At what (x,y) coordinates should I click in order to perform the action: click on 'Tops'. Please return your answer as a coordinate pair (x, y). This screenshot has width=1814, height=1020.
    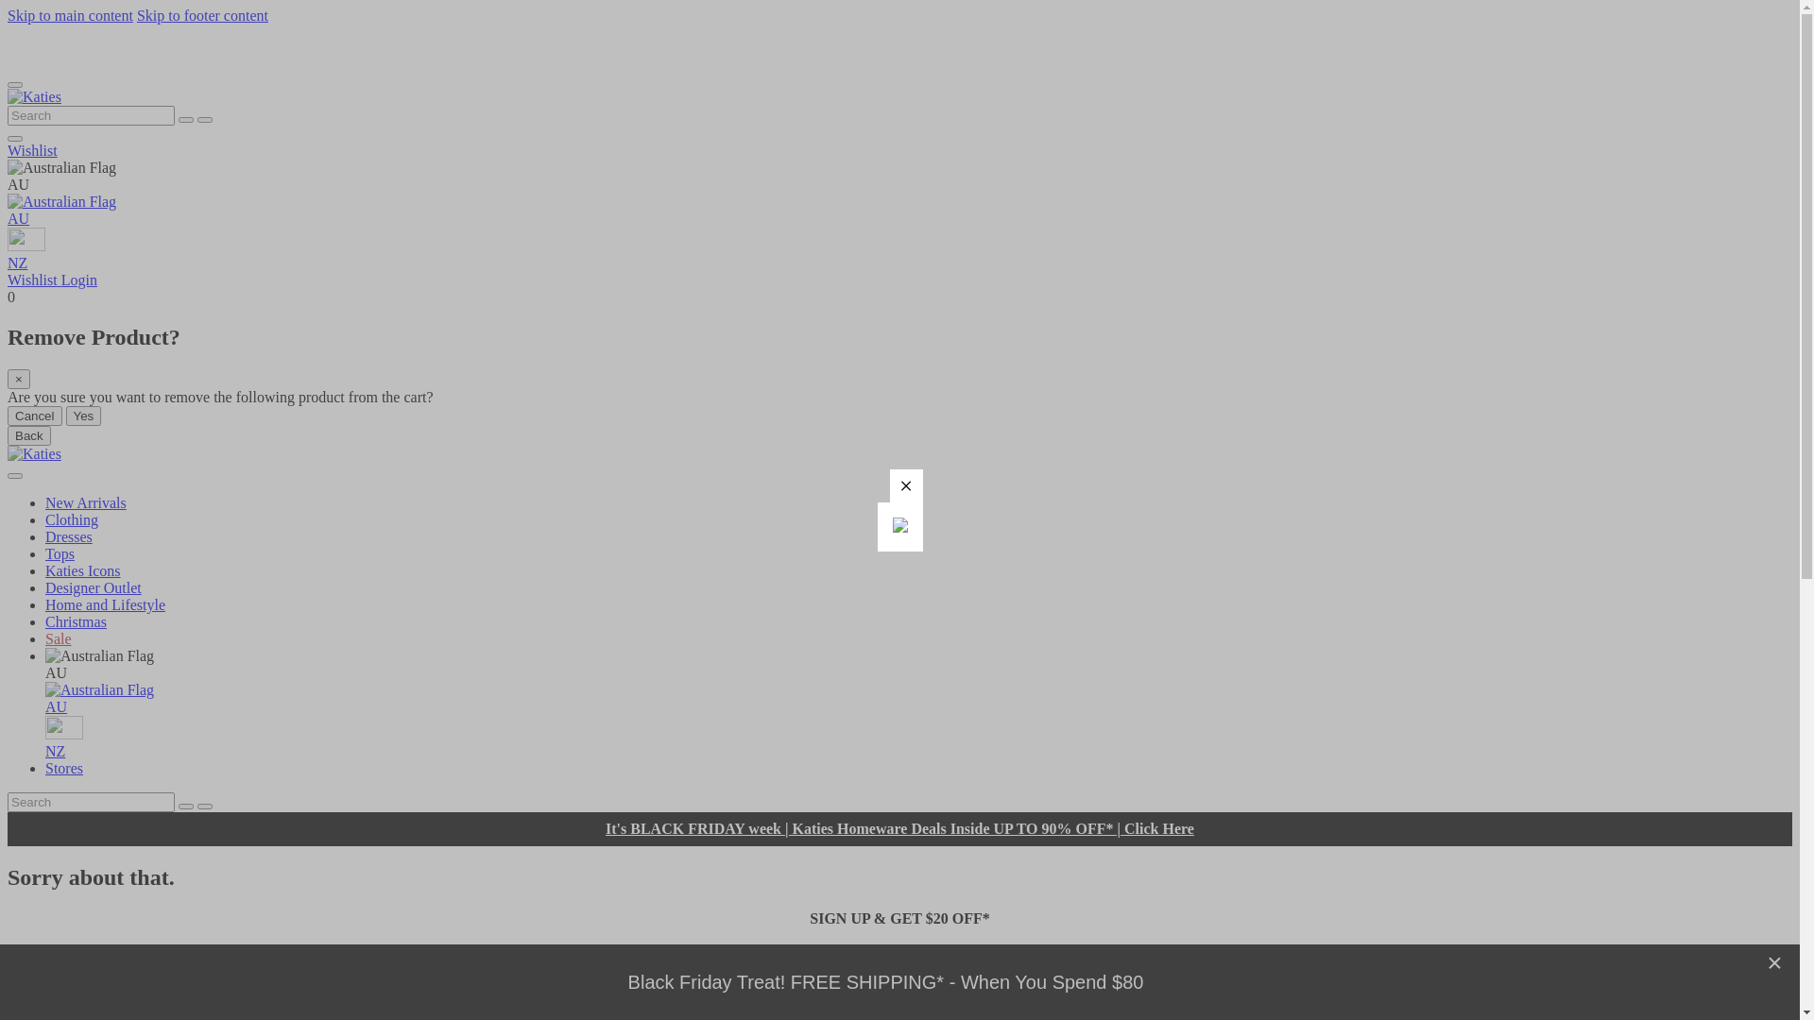
    Looking at the image, I should click on (45, 552).